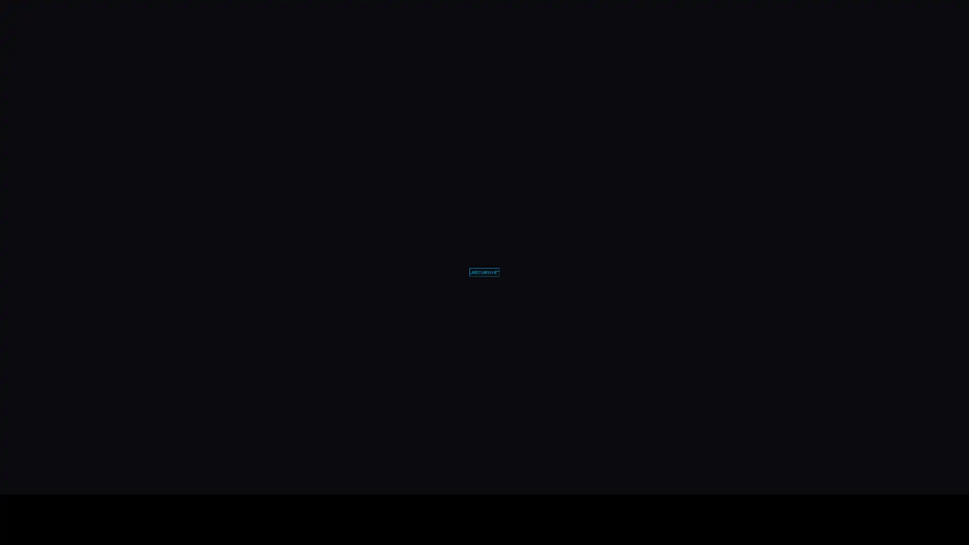  I want to click on show more media controls, so click(944, 516).